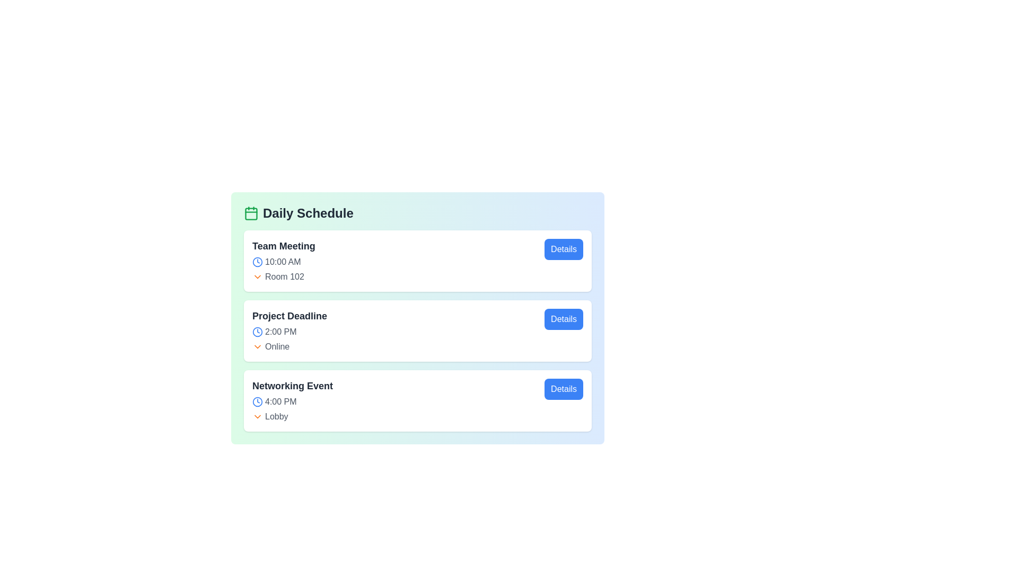 The width and height of the screenshot is (1018, 572). What do you see at coordinates (417, 330) in the screenshot?
I see `event details from the second card in the list of scheduled events, which contains the title 'Project Deadline' and a button labeled 'Details.'` at bounding box center [417, 330].